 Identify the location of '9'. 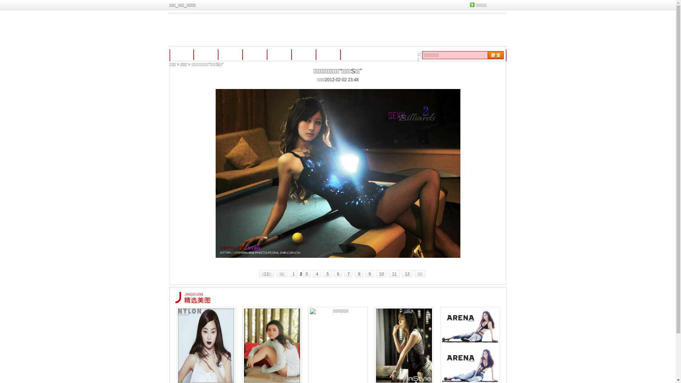
(369, 273).